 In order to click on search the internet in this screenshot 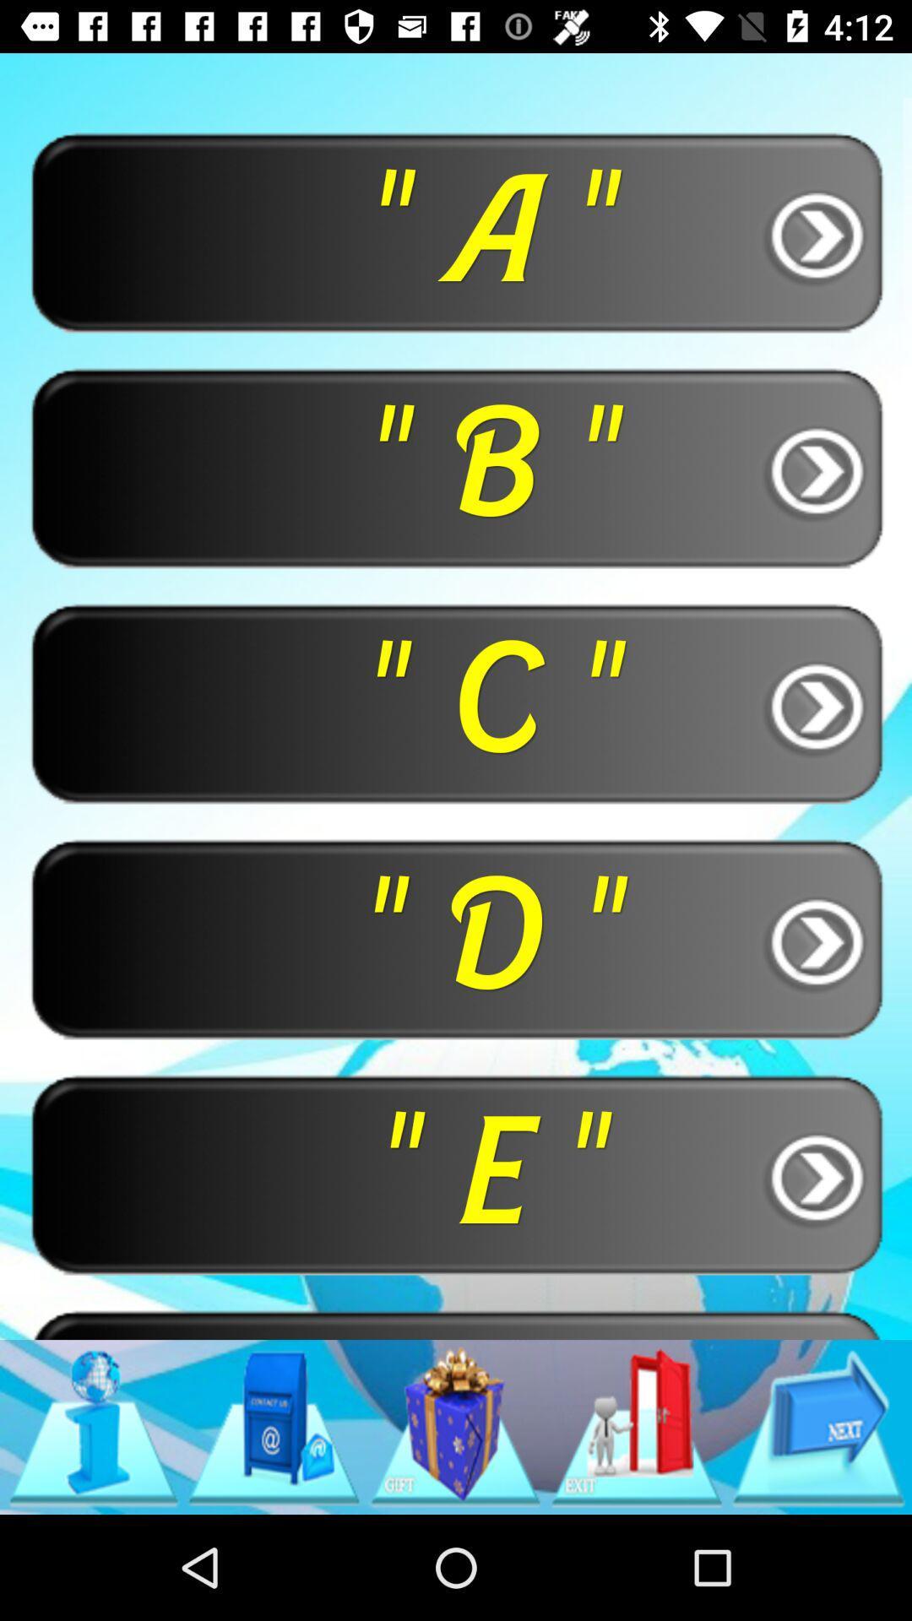, I will do `click(93, 1426)`.